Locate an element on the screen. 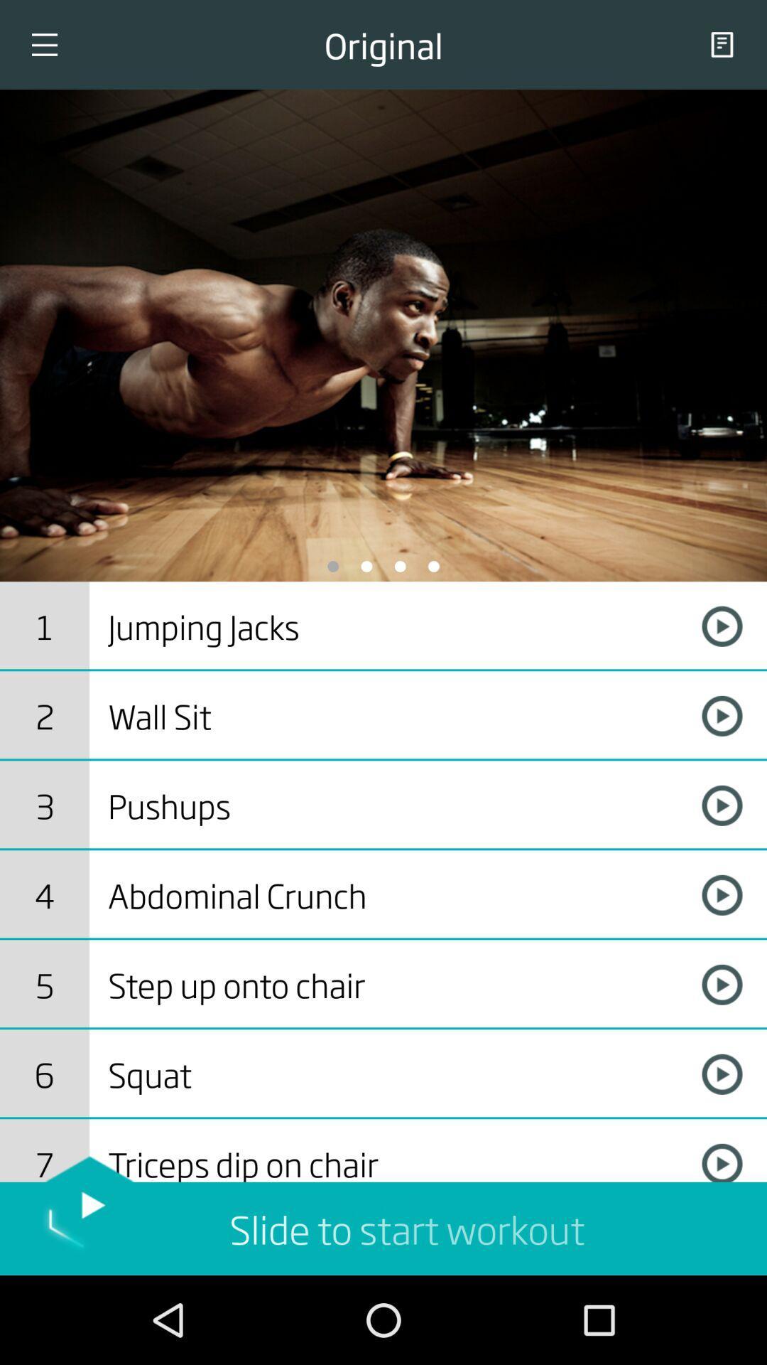 The height and width of the screenshot is (1365, 767). the play icon is located at coordinates (722, 626).